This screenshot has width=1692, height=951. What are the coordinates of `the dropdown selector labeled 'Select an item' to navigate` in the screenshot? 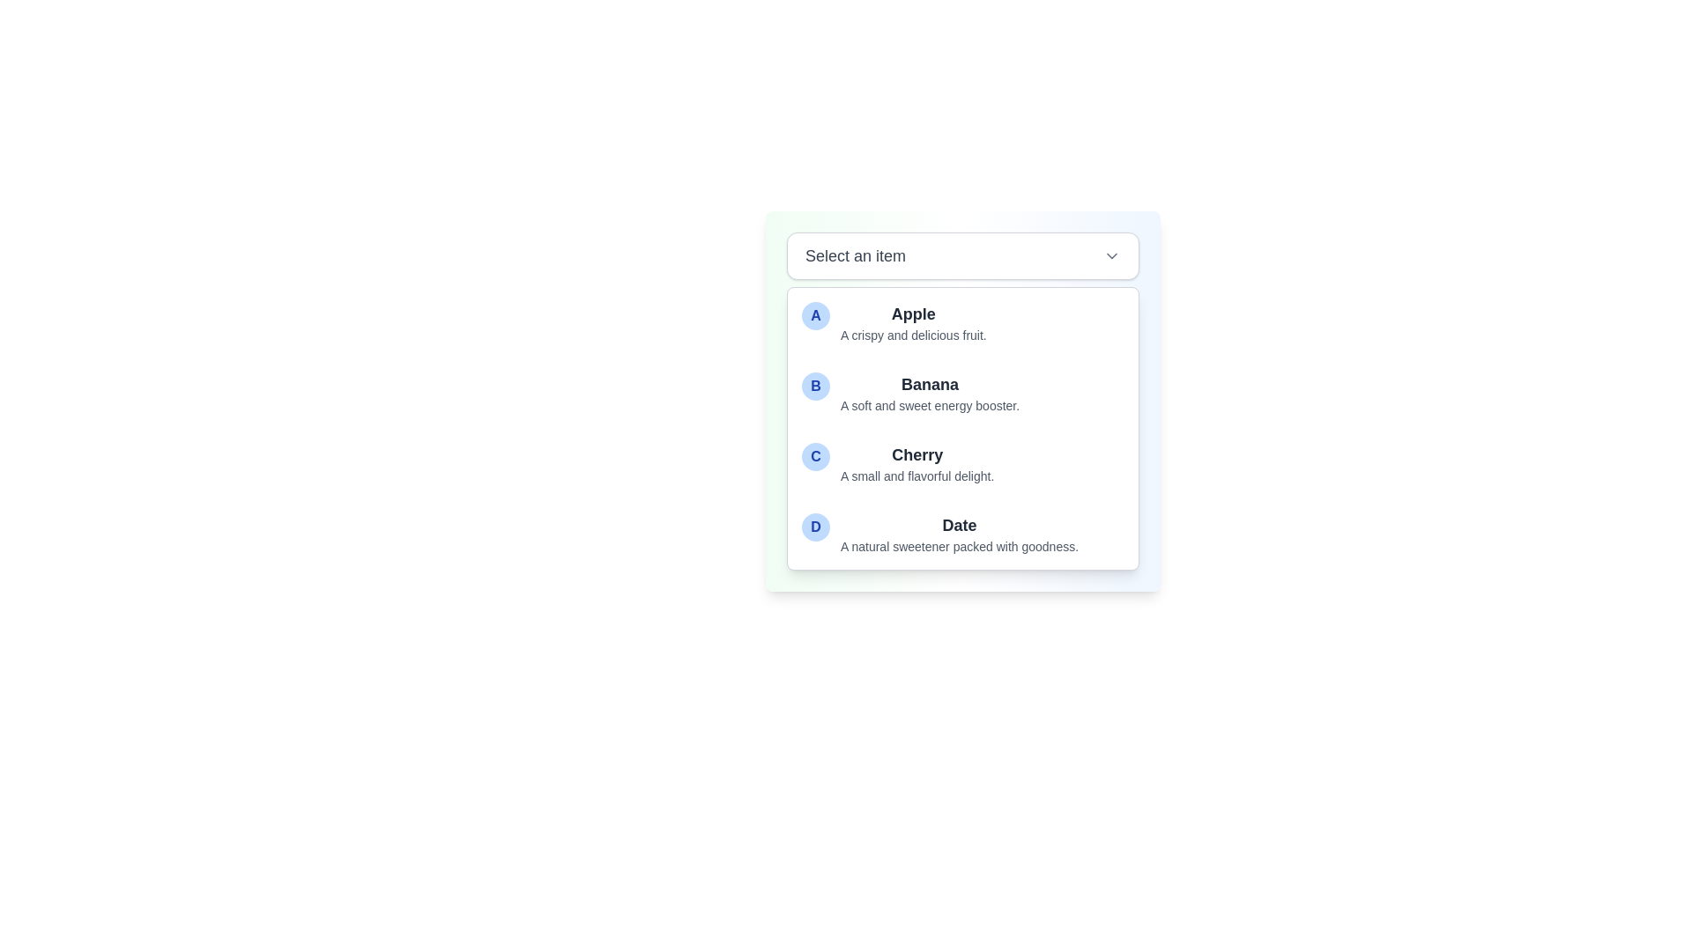 It's located at (962, 255).